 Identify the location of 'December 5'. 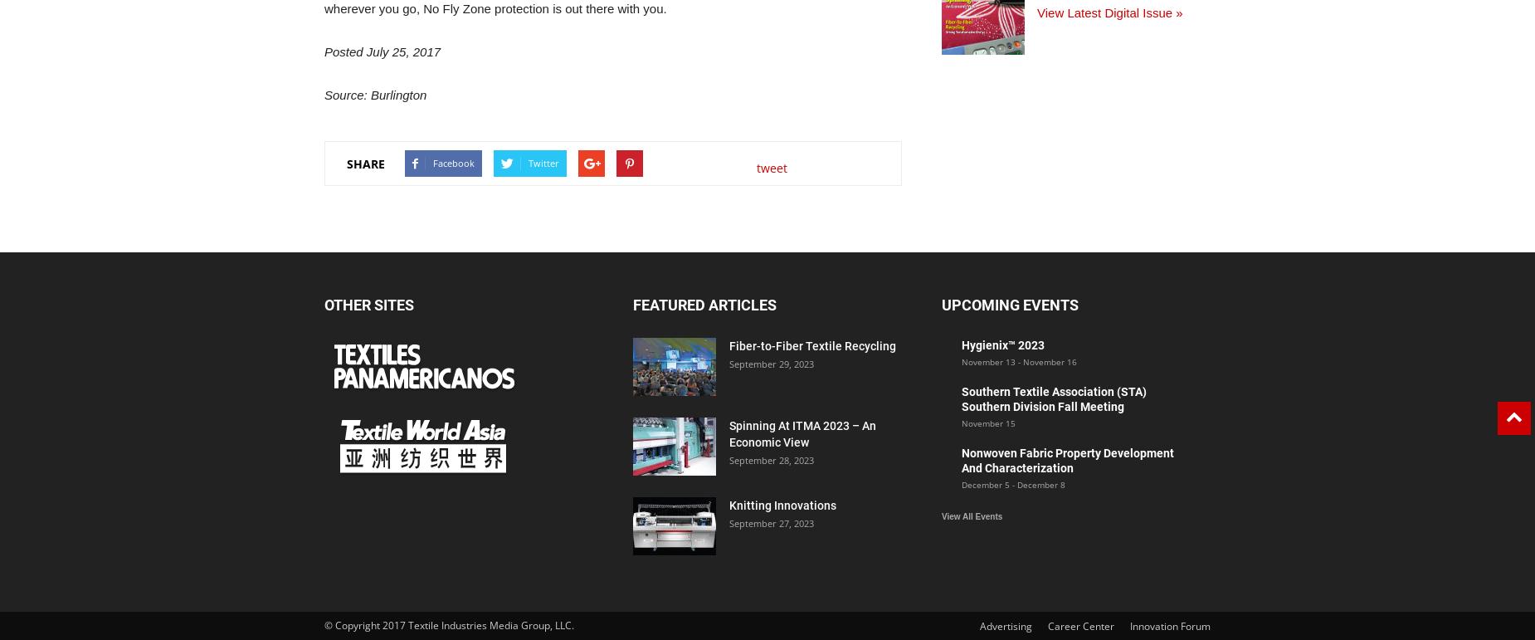
(985, 484).